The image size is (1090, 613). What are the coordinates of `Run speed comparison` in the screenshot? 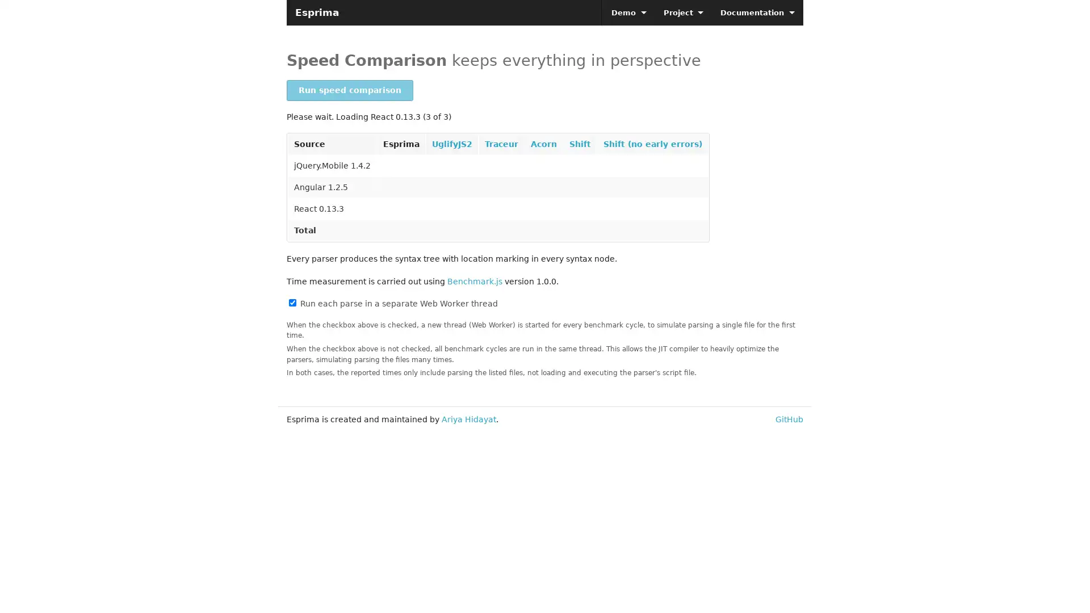 It's located at (349, 90).